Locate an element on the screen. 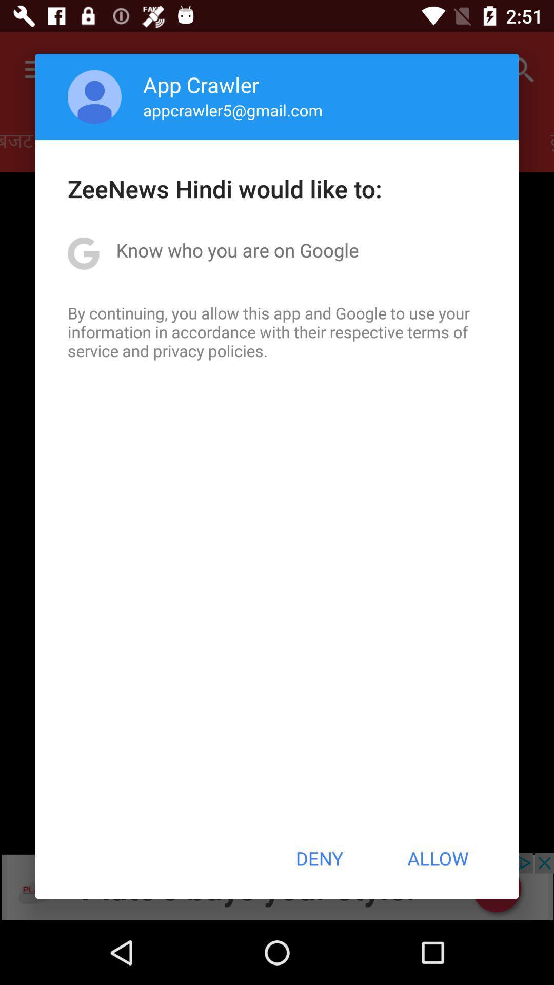 This screenshot has height=985, width=554. app crawler is located at coordinates (201, 84).